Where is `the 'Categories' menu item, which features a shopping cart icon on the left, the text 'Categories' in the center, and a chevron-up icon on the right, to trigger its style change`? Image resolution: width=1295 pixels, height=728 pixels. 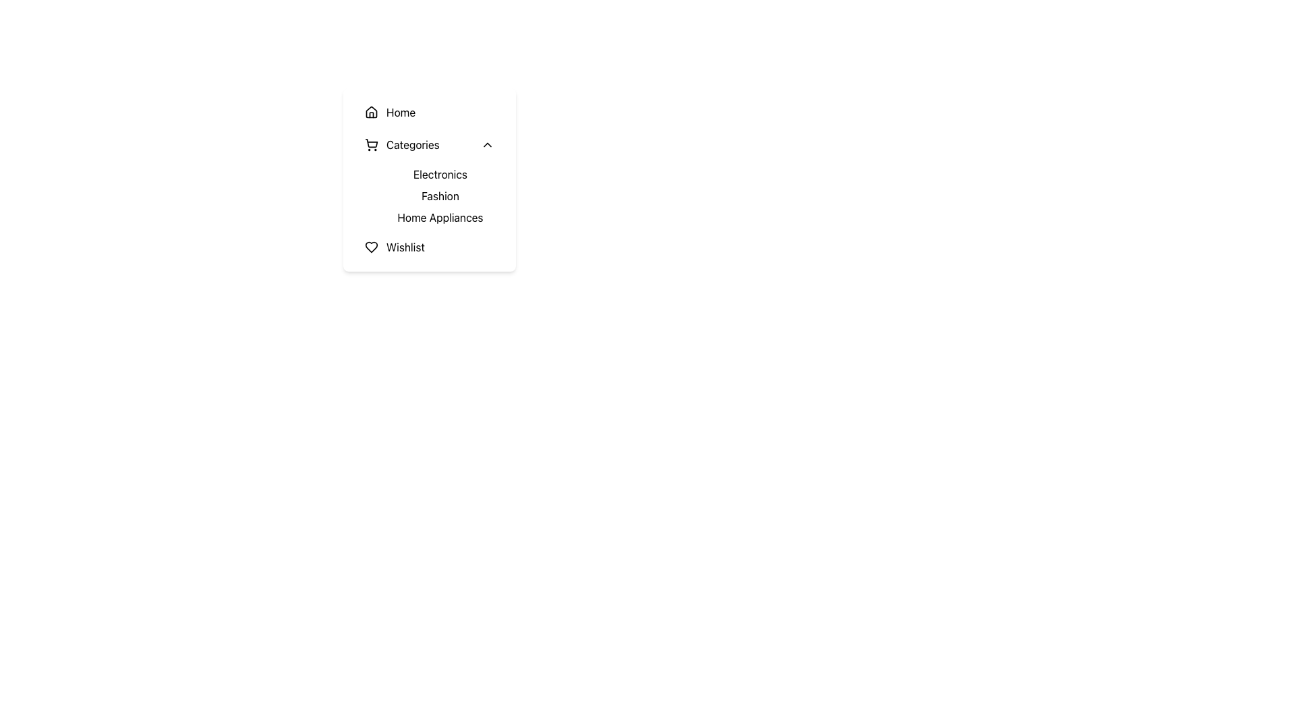
the 'Categories' menu item, which features a shopping cart icon on the left, the text 'Categories' in the center, and a chevron-up icon on the right, to trigger its style change is located at coordinates (429, 145).